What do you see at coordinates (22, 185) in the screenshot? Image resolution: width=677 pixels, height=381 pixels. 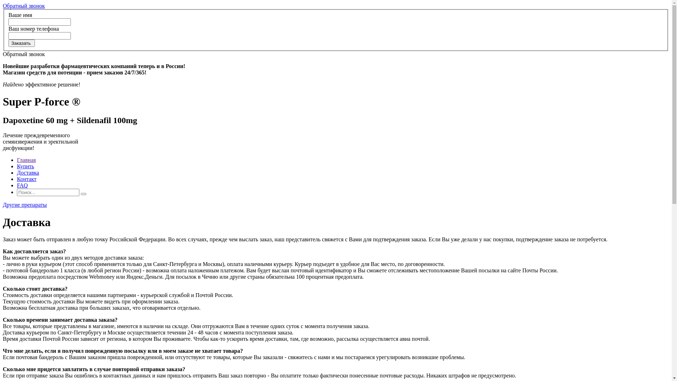 I see `'FAQ'` at bounding box center [22, 185].